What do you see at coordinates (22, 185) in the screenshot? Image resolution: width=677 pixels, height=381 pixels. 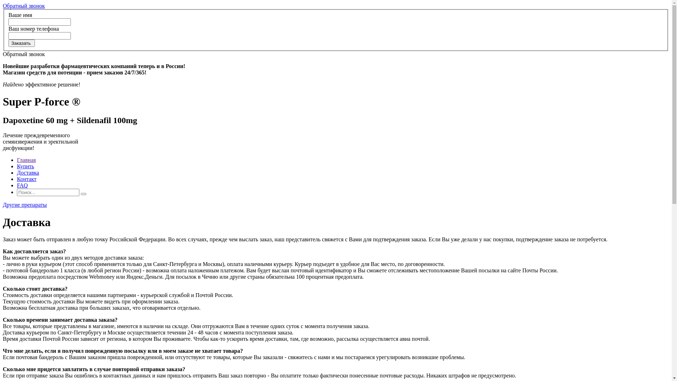 I see `'FAQ'` at bounding box center [22, 185].